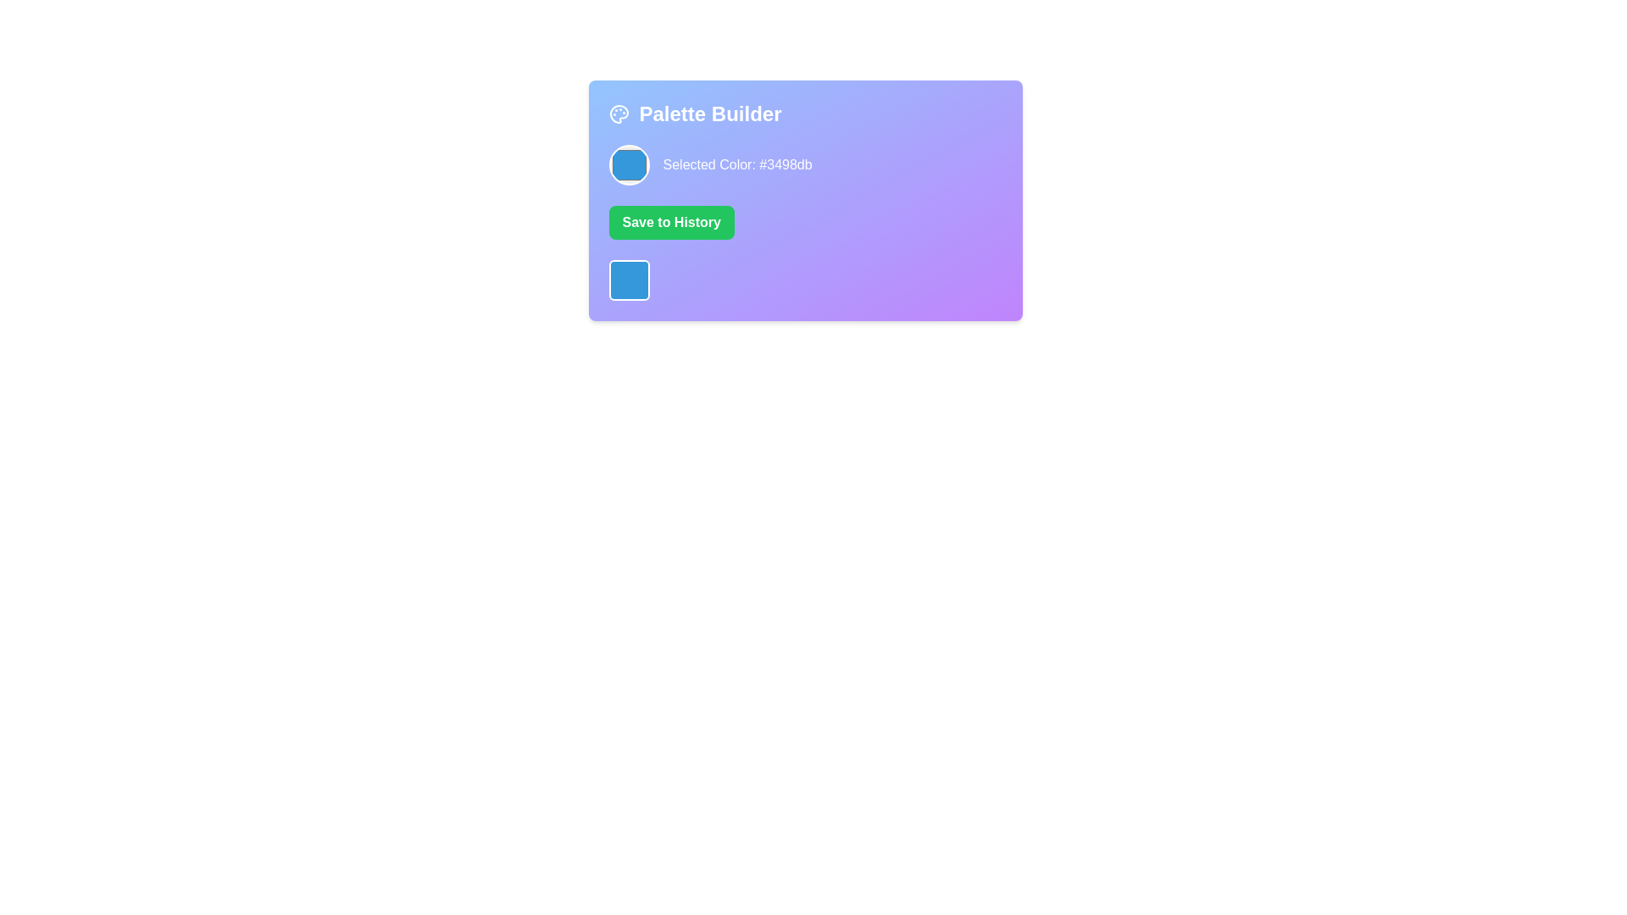 The height and width of the screenshot is (915, 1627). What do you see at coordinates (618, 114) in the screenshot?
I see `the artistic palette icon located in the top-left section of the 'Palette Builder' card, positioned above the 'Selected Color: #3498db' text` at bounding box center [618, 114].